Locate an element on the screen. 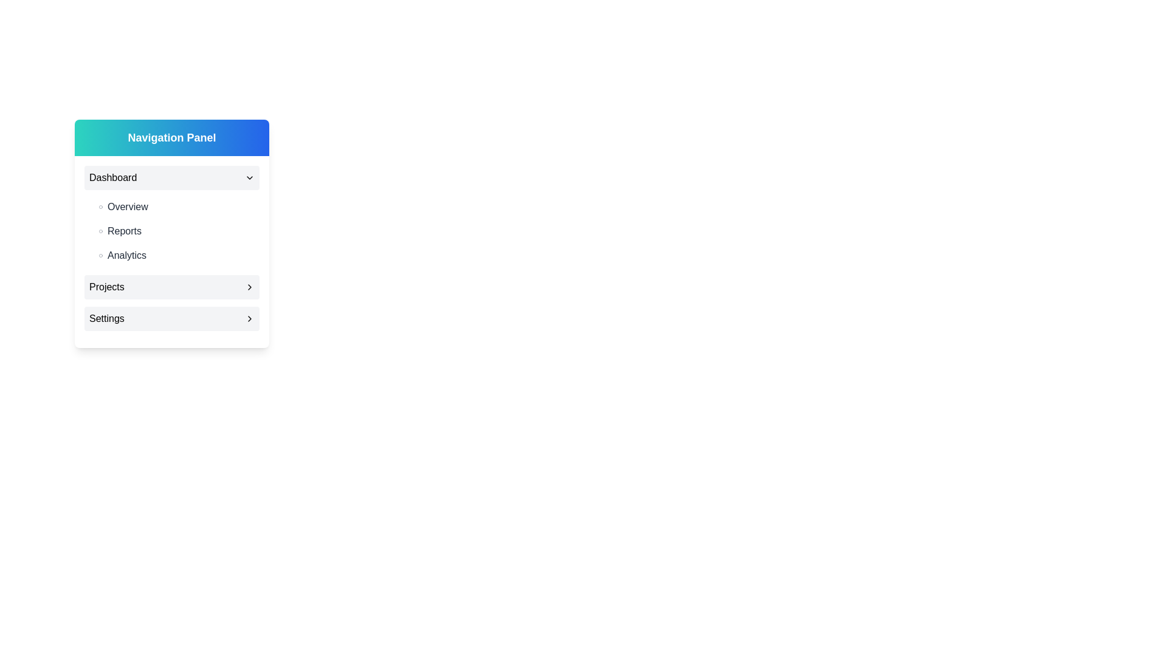  the 'Overview' text label which is the first sub-item under the 'Dashboard' section in the navigation menu is located at coordinates (128, 206).